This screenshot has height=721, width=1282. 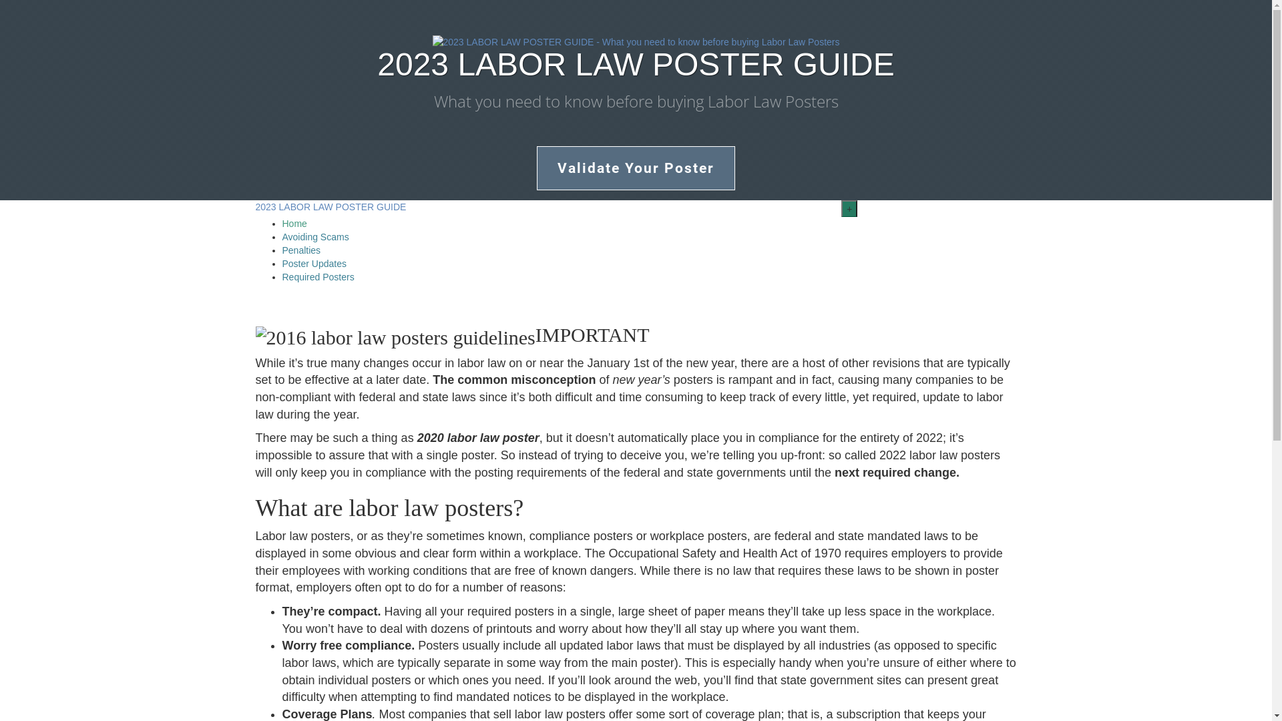 I want to click on 'Required Posters', so click(x=316, y=276).